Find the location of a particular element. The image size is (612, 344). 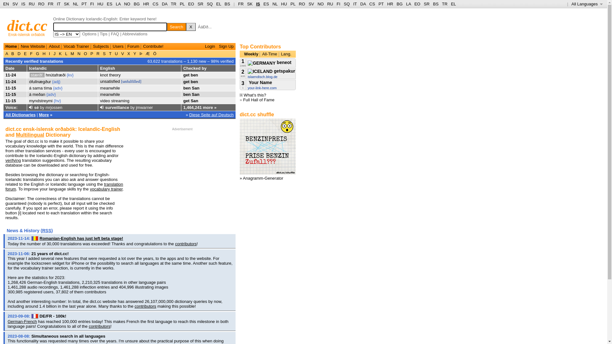

'FI' is located at coordinates (336, 4).